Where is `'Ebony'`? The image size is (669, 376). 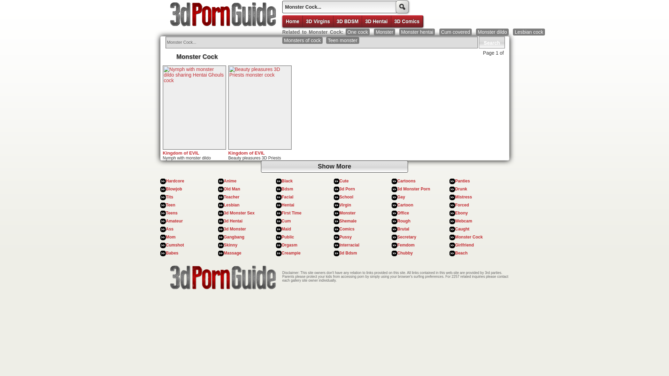
'Ebony' is located at coordinates (461, 213).